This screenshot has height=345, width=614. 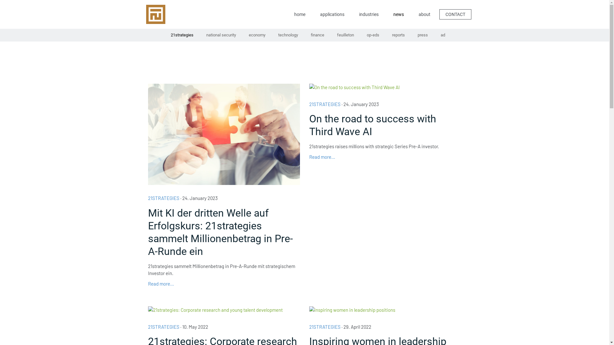 I want to click on 'technology', so click(x=288, y=35).